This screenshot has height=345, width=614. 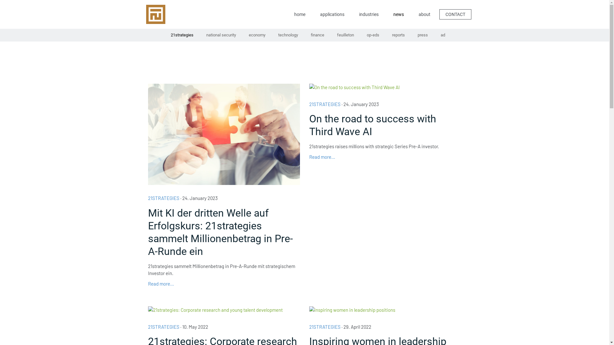 I want to click on 'technology', so click(x=288, y=35).